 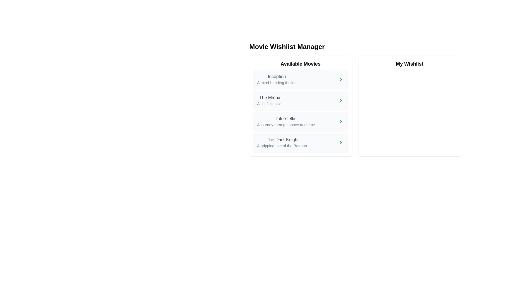 What do you see at coordinates (277, 77) in the screenshot?
I see `text label displaying 'Inception', which is styled with a medium gray font and located at the top of the 'Available Movies' section` at bounding box center [277, 77].